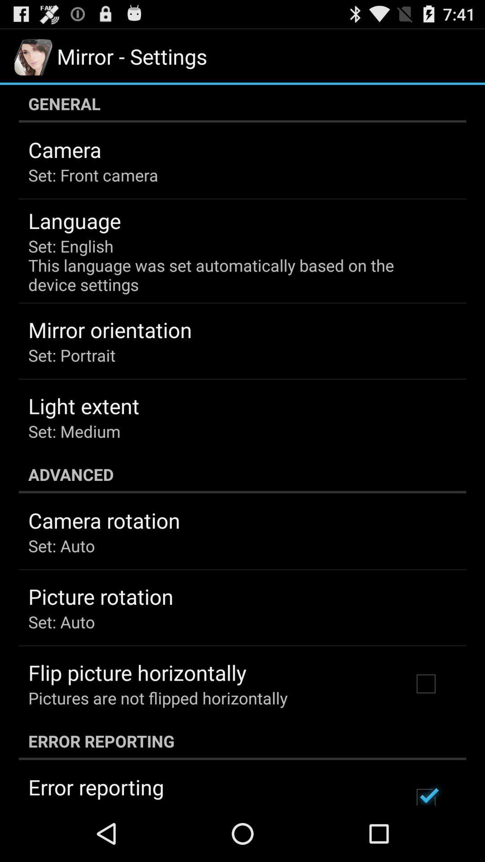 This screenshot has height=862, width=485. Describe the element at coordinates (137, 673) in the screenshot. I see `app below set: auto app` at that location.